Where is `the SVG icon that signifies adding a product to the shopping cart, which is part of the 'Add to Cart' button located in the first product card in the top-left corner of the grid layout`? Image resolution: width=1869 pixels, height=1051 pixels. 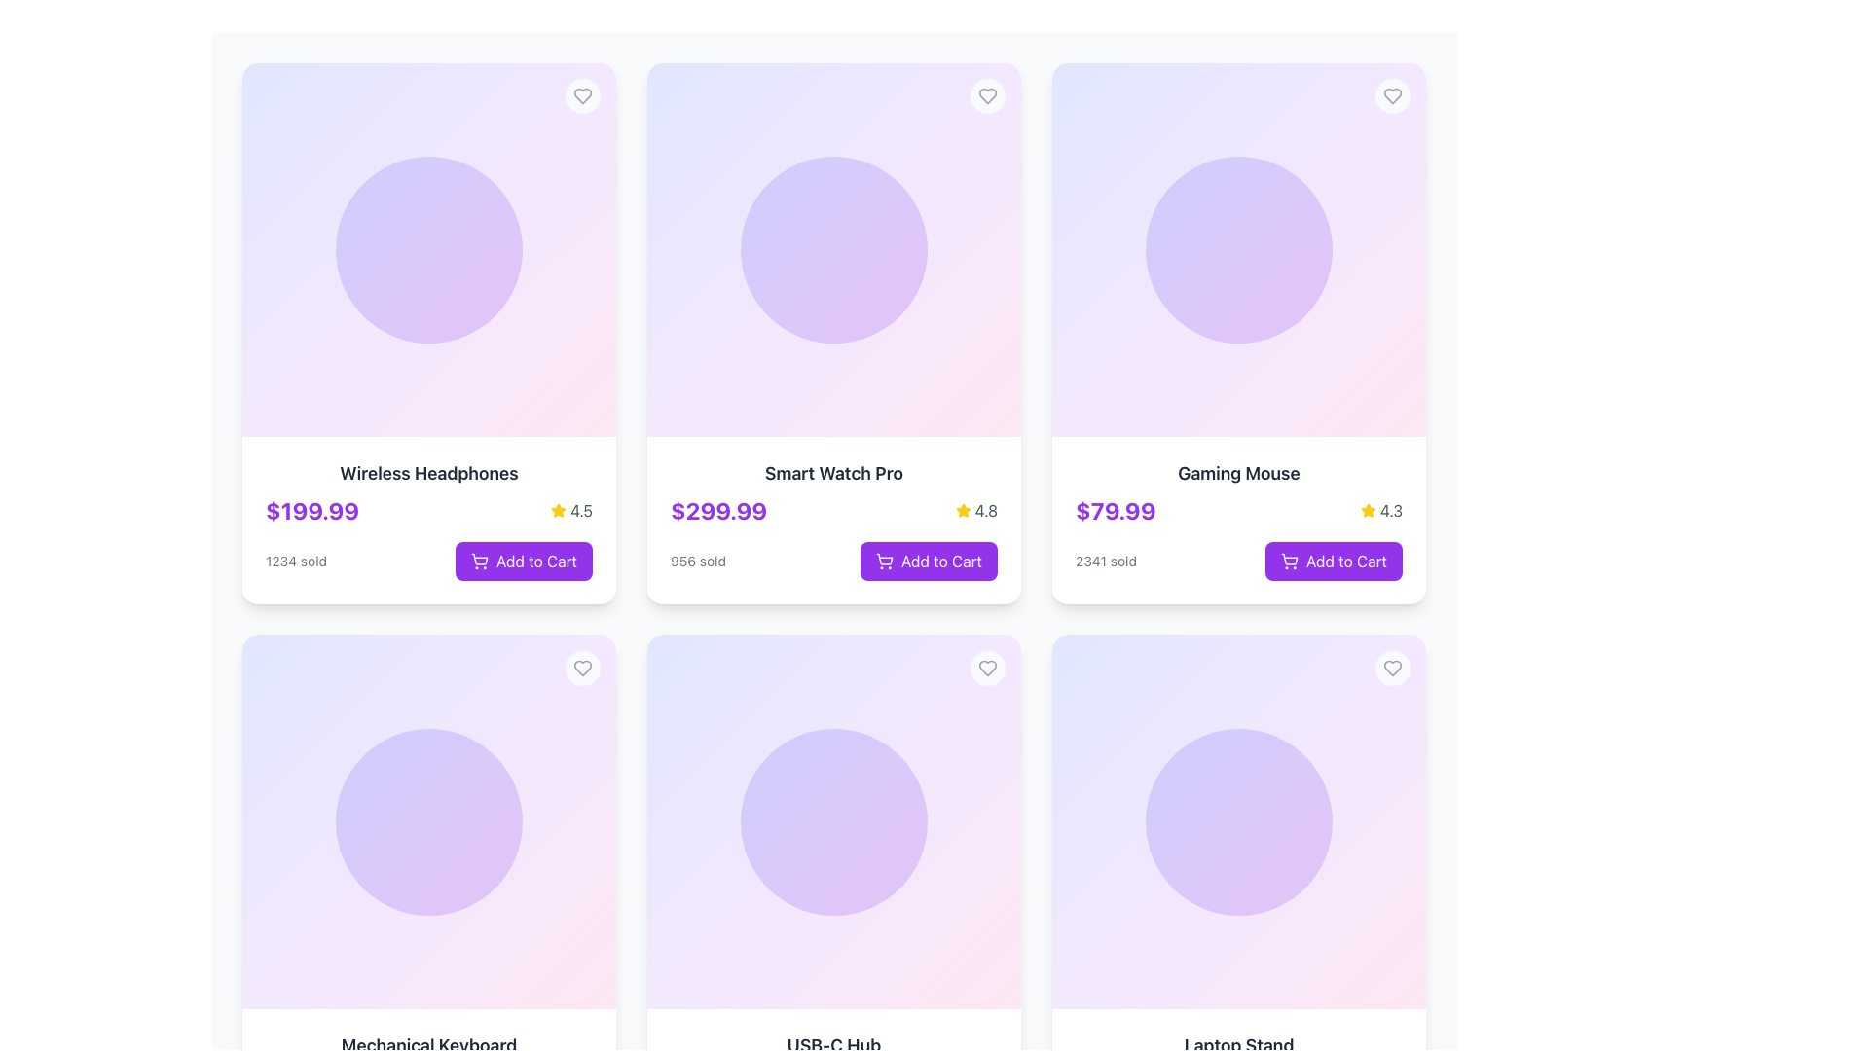
the SVG icon that signifies adding a product to the shopping cart, which is part of the 'Add to Cart' button located in the first product card in the top-left corner of the grid layout is located at coordinates (480, 562).